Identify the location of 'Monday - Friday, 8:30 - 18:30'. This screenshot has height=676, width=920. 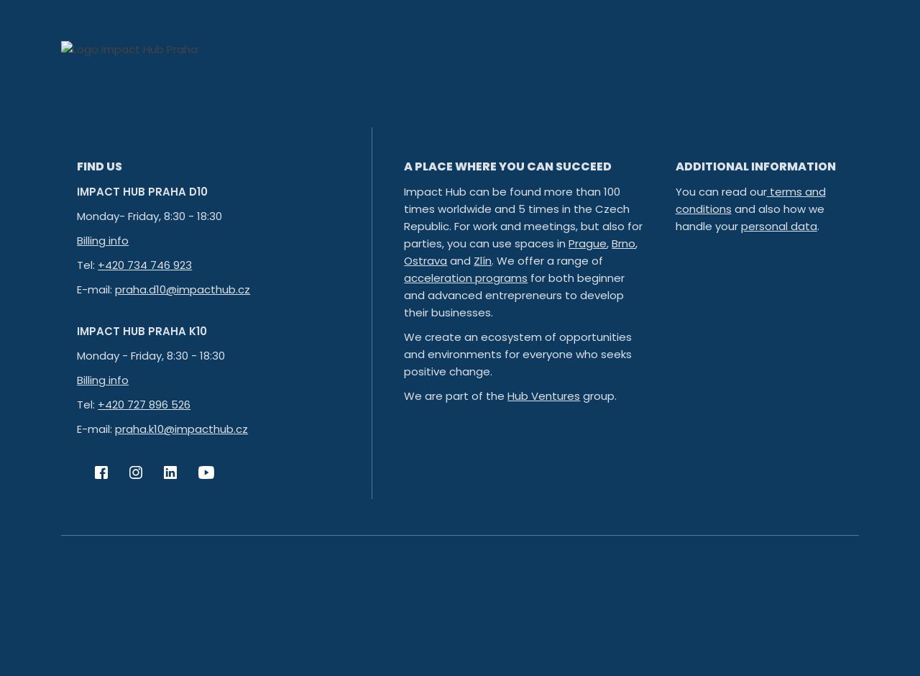
(151, 355).